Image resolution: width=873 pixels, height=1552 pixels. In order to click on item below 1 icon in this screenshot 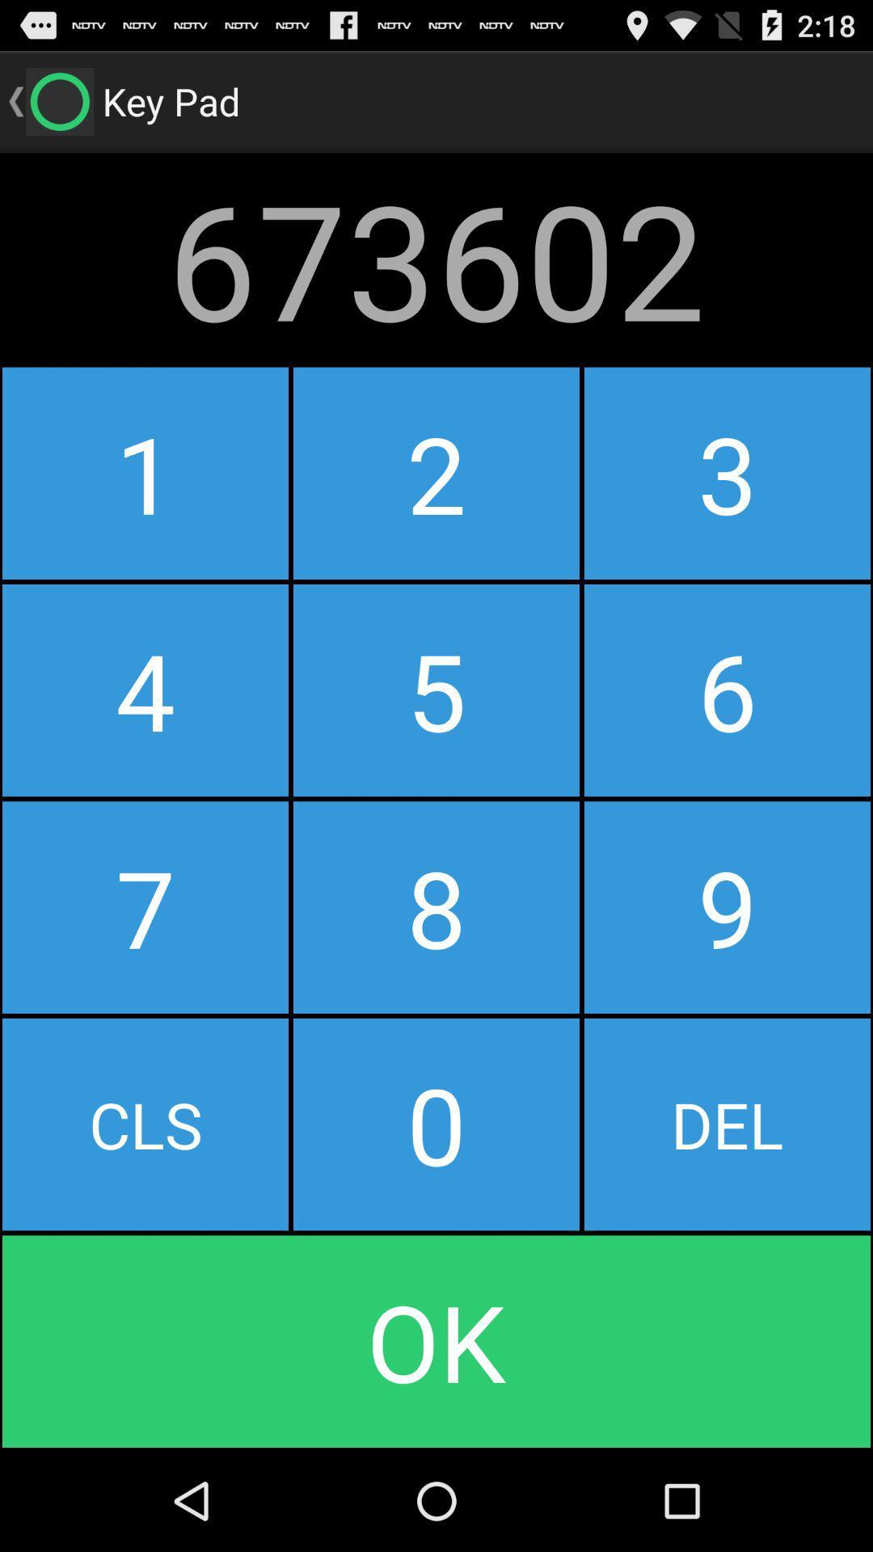, I will do `click(436, 690)`.